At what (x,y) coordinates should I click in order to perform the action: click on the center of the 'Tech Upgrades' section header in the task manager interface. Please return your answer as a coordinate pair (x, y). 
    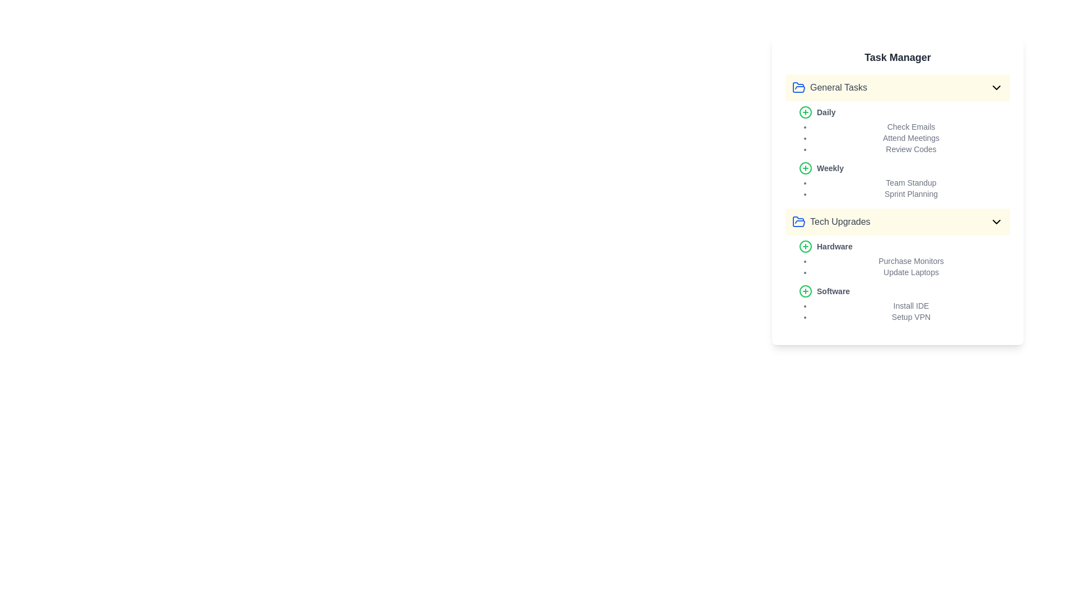
    Looking at the image, I should click on (831, 222).